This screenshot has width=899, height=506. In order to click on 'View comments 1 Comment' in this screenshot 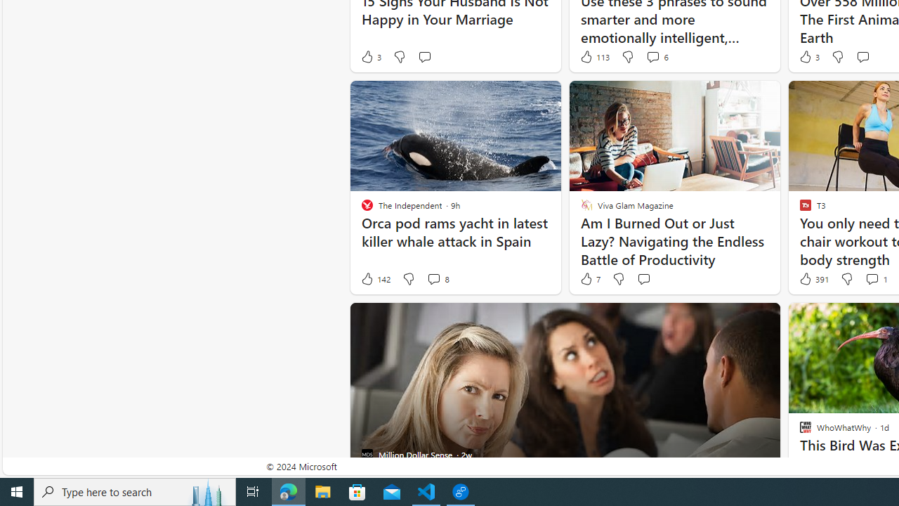, I will do `click(871, 279)`.